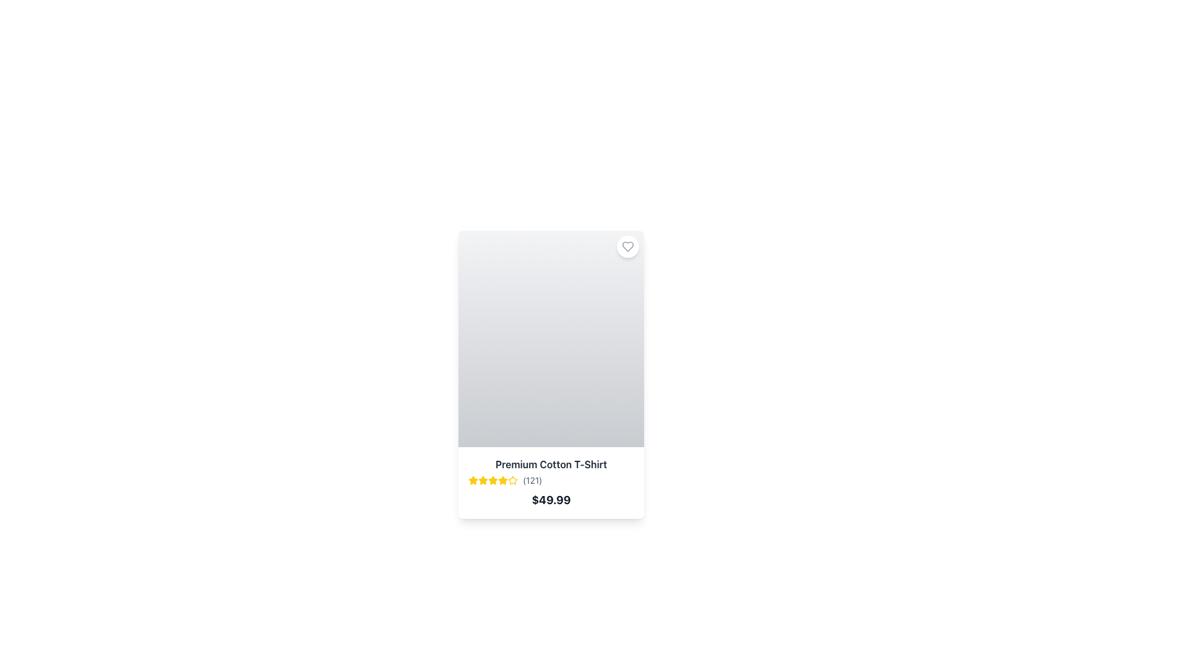  What do you see at coordinates (492, 479) in the screenshot?
I see `the fourth yellow star icon in the rating system to interact with it` at bounding box center [492, 479].